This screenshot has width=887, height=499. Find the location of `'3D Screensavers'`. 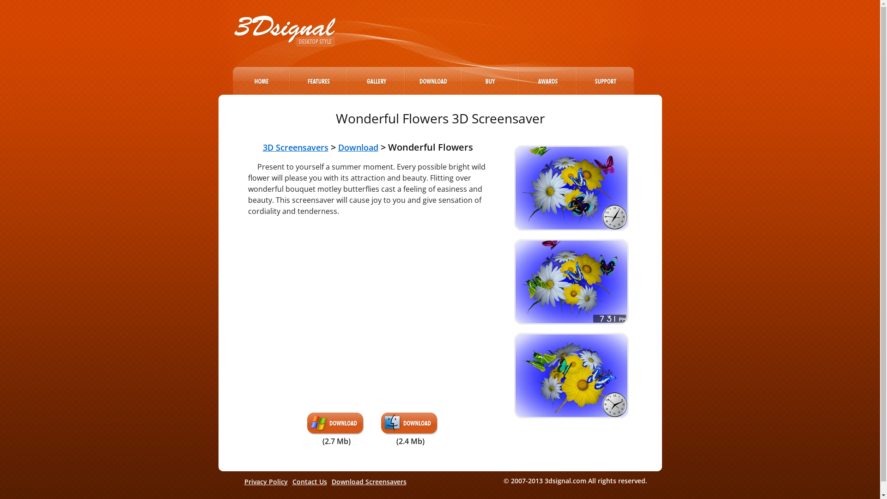

'3D Screensavers' is located at coordinates (294, 147).